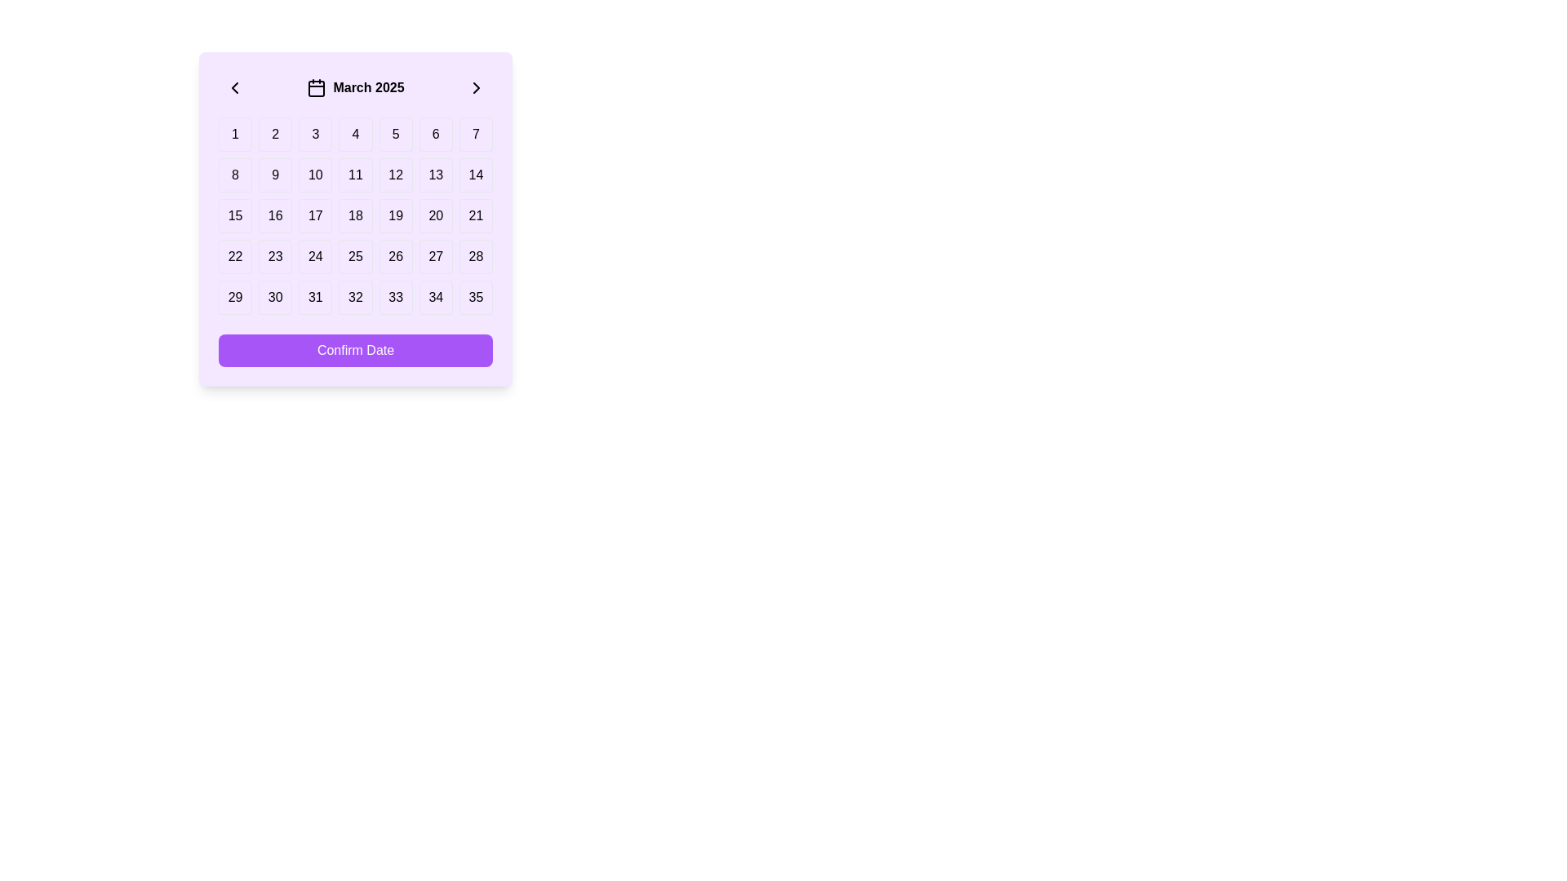 The image size is (1567, 881). What do you see at coordinates (475, 215) in the screenshot?
I see `the non-interactive button representing the 21st day in the calendar view, located in the sixth column of the third row` at bounding box center [475, 215].